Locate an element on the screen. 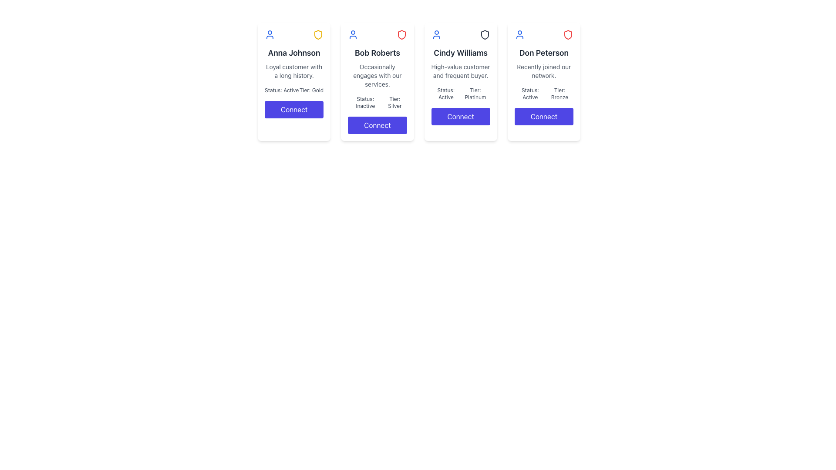  the button that initiates a connection action associated with user 'Bob Roberts', located at the bottom of his card is located at coordinates (377, 125).